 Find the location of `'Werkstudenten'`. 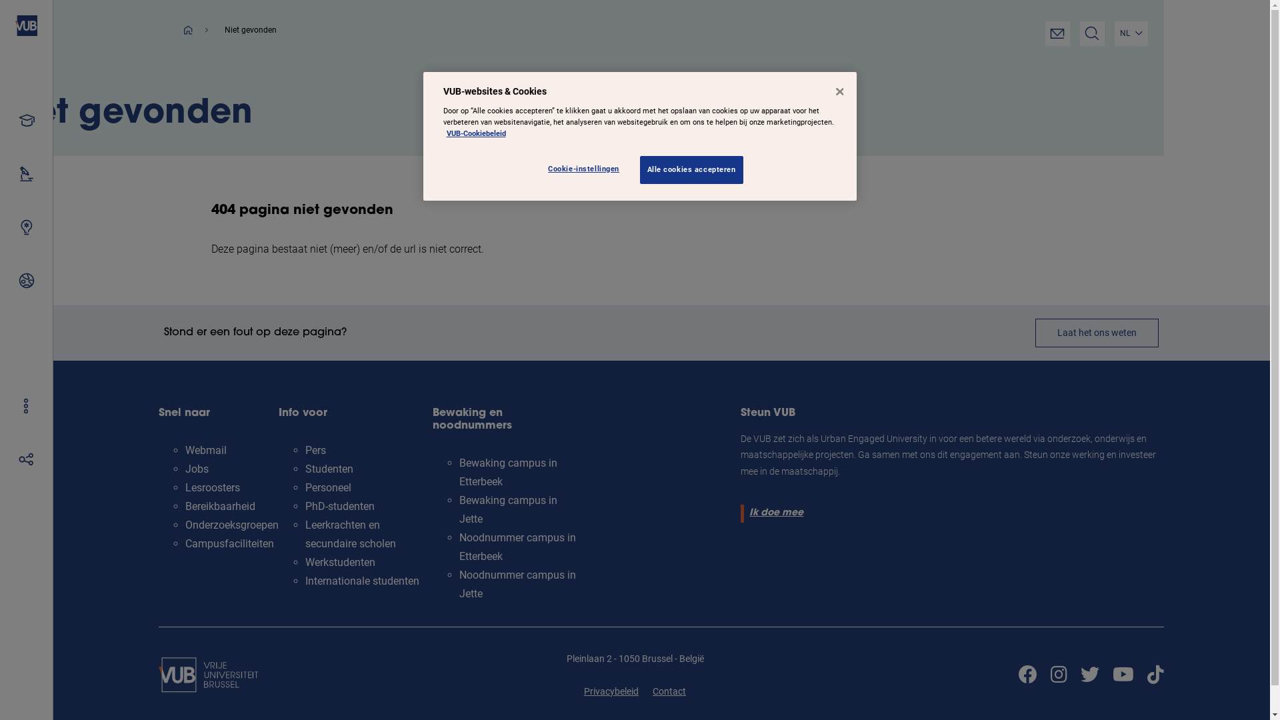

'Werkstudenten' is located at coordinates (340, 562).